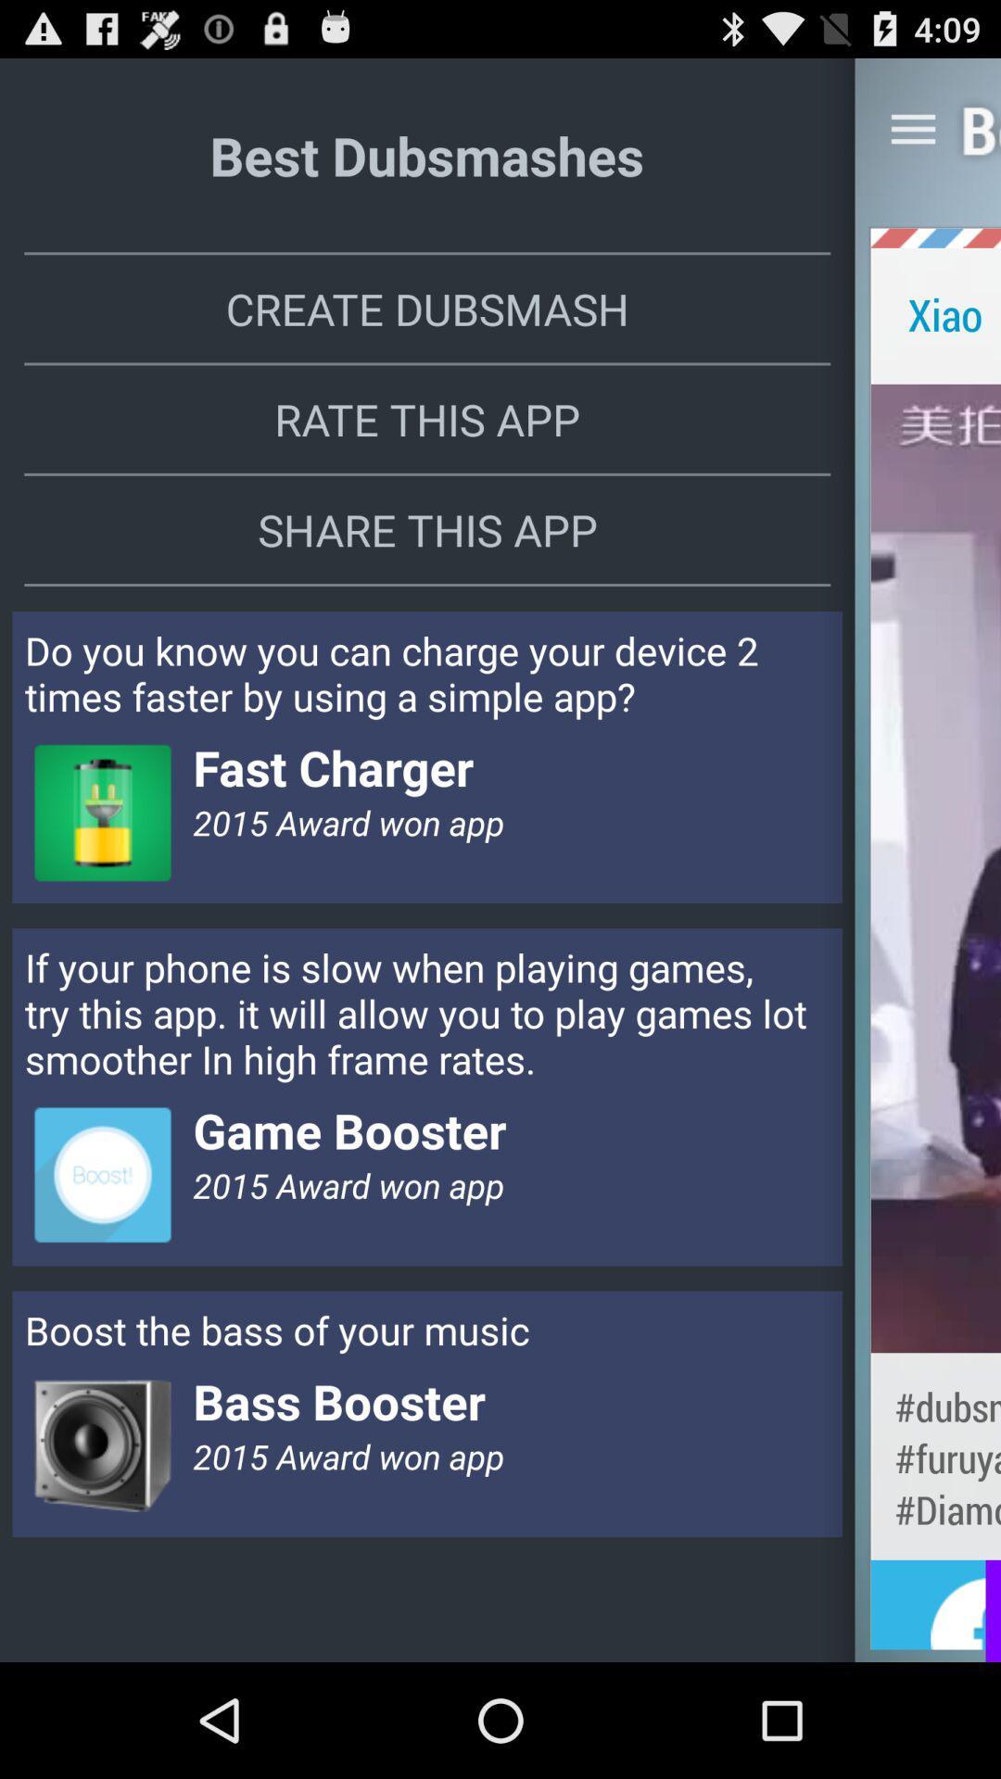 The height and width of the screenshot is (1779, 1001). What do you see at coordinates (912, 137) in the screenshot?
I see `the menu icon` at bounding box center [912, 137].